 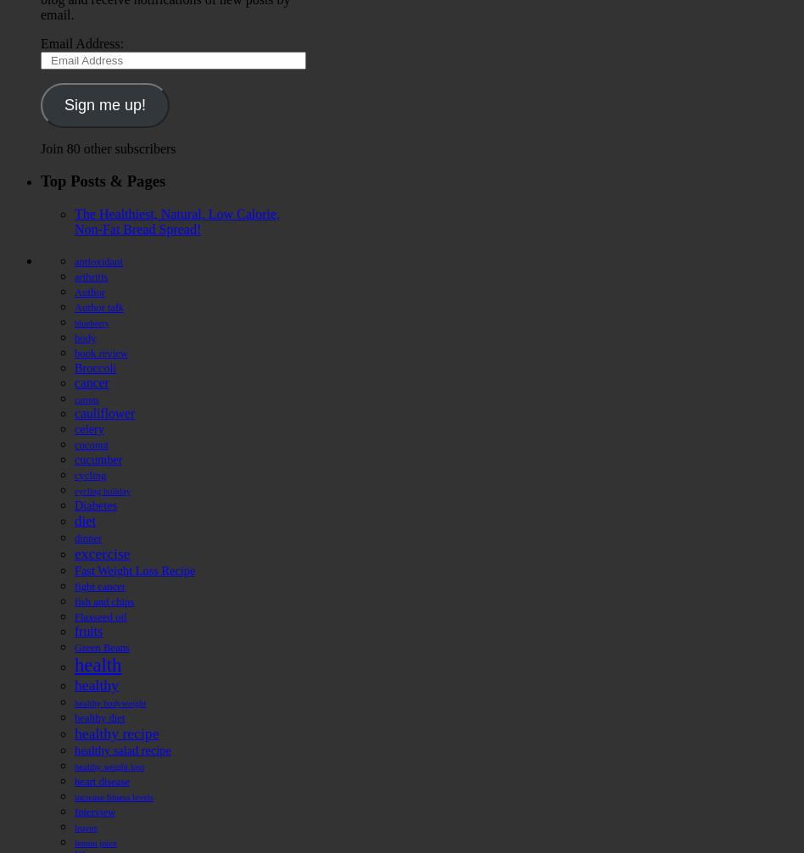 I want to click on 'Interview', so click(x=94, y=811).